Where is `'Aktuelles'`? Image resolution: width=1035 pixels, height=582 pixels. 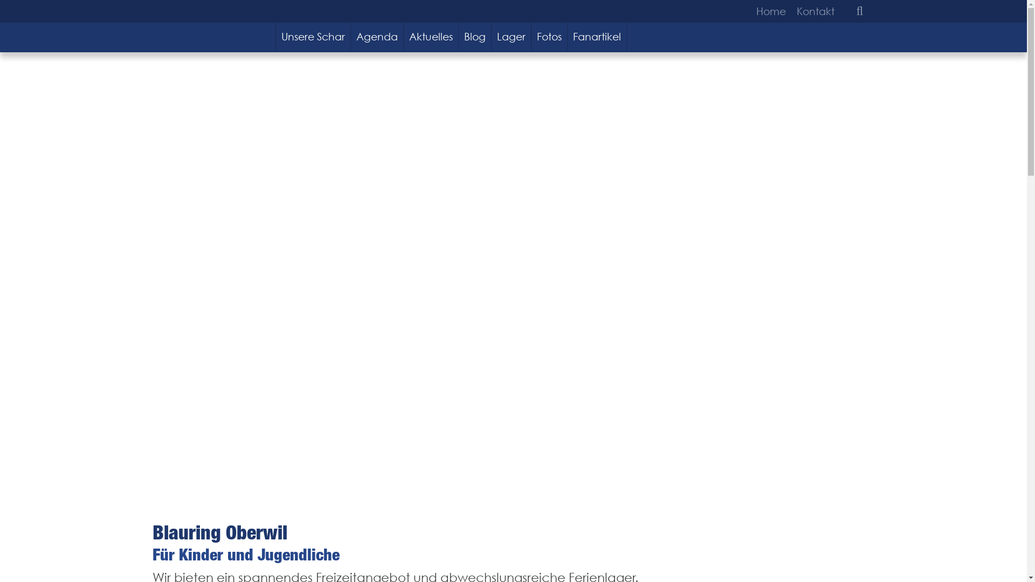
'Aktuelles' is located at coordinates (431, 36).